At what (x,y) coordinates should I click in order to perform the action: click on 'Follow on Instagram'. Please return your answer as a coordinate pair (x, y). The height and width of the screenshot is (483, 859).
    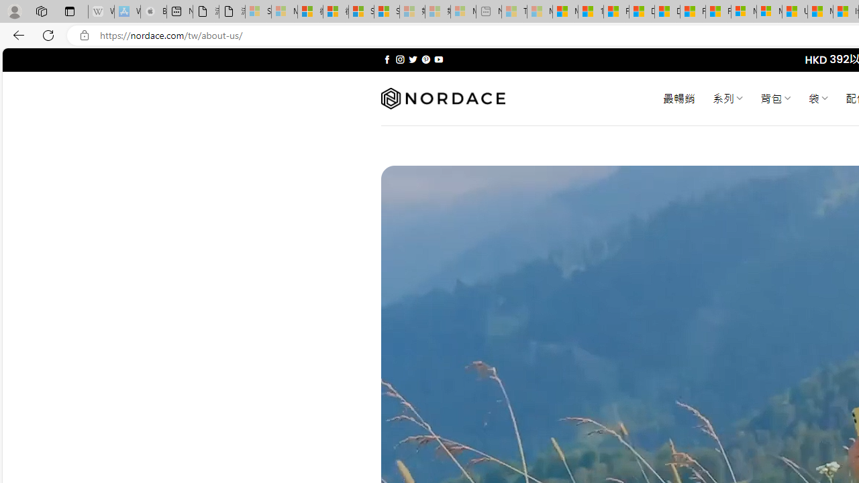
    Looking at the image, I should click on (399, 59).